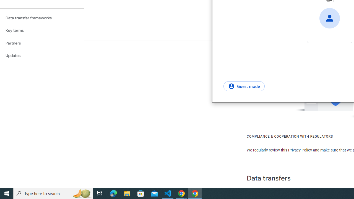  I want to click on 'File Explorer', so click(127, 193).